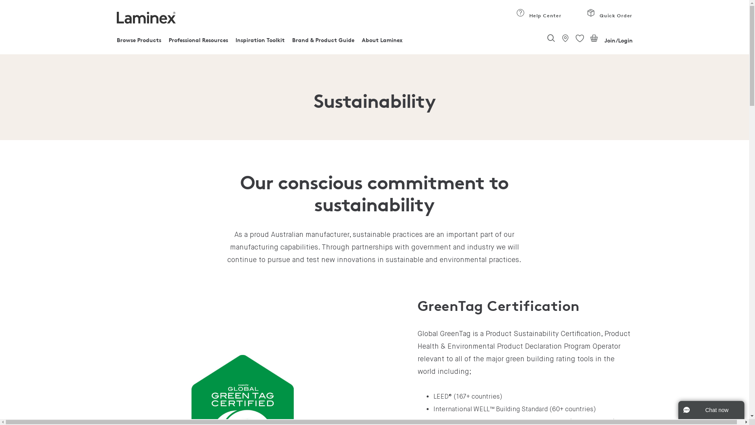  I want to click on 'Help Center', so click(521, 13).